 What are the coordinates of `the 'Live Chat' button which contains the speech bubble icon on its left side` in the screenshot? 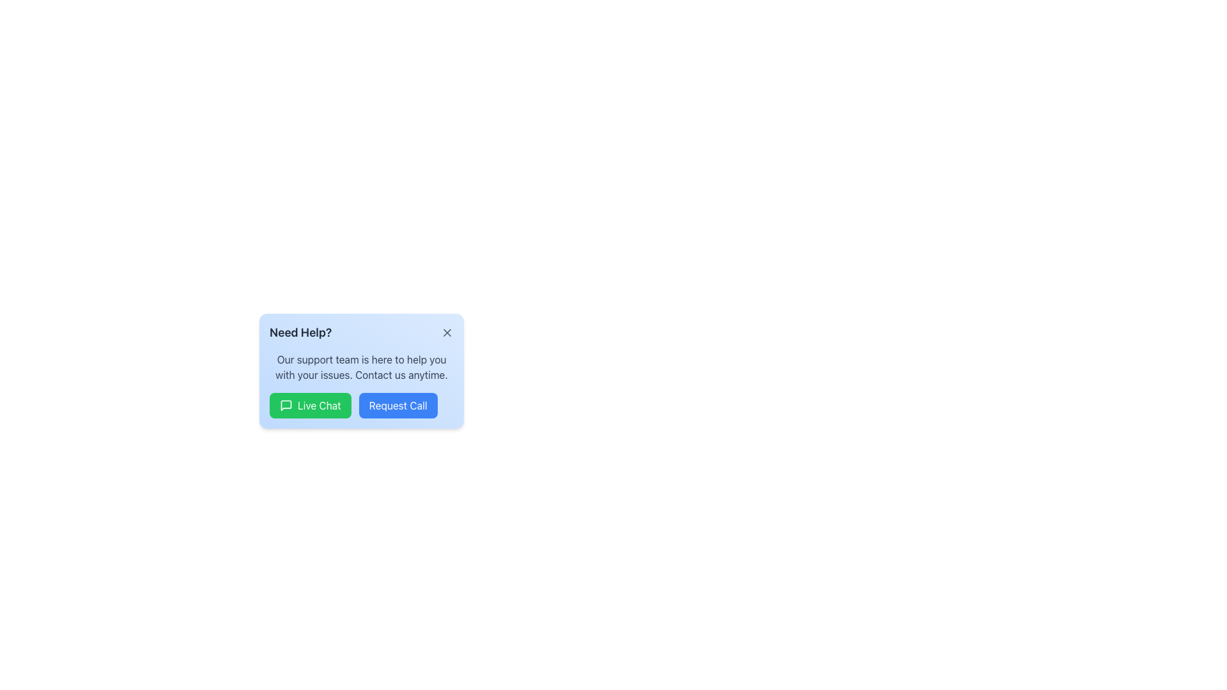 It's located at (285, 406).